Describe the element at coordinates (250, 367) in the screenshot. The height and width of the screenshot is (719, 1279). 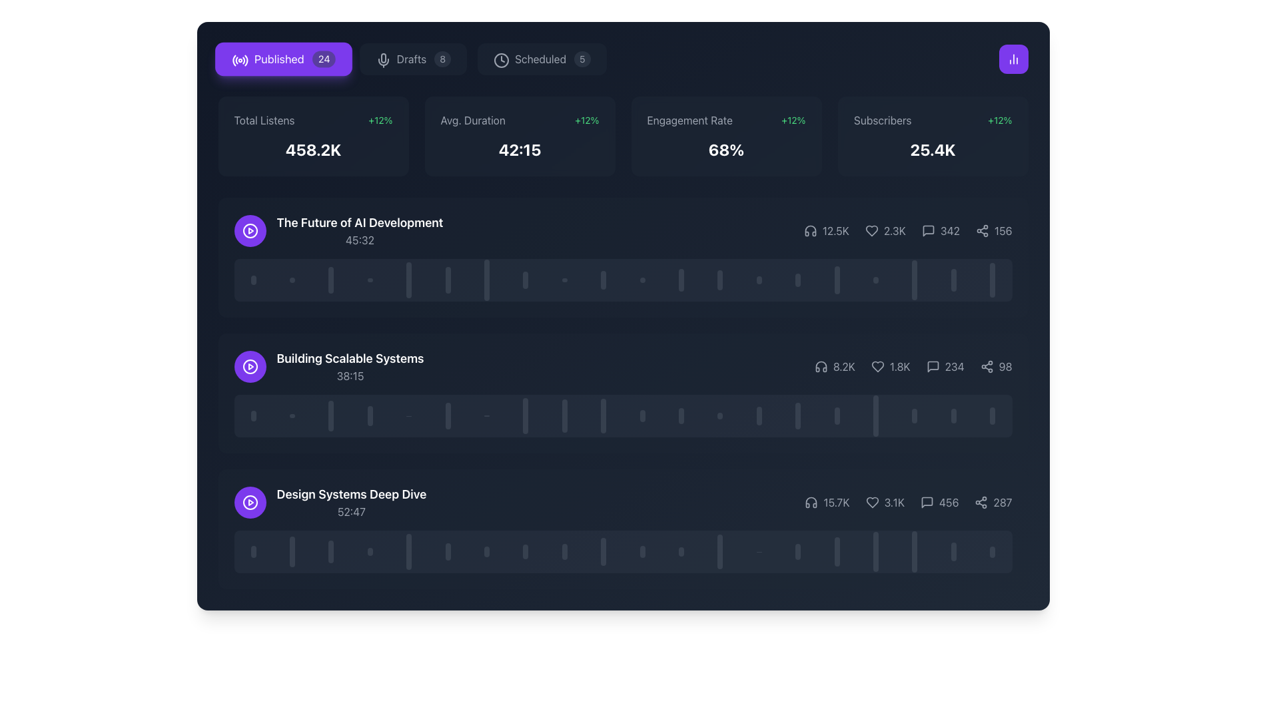
I see `the play icon button, which is a white triangle inside a circular outline against a purple background, located to the left of the 'Design Systems Deep Dive' item` at that location.